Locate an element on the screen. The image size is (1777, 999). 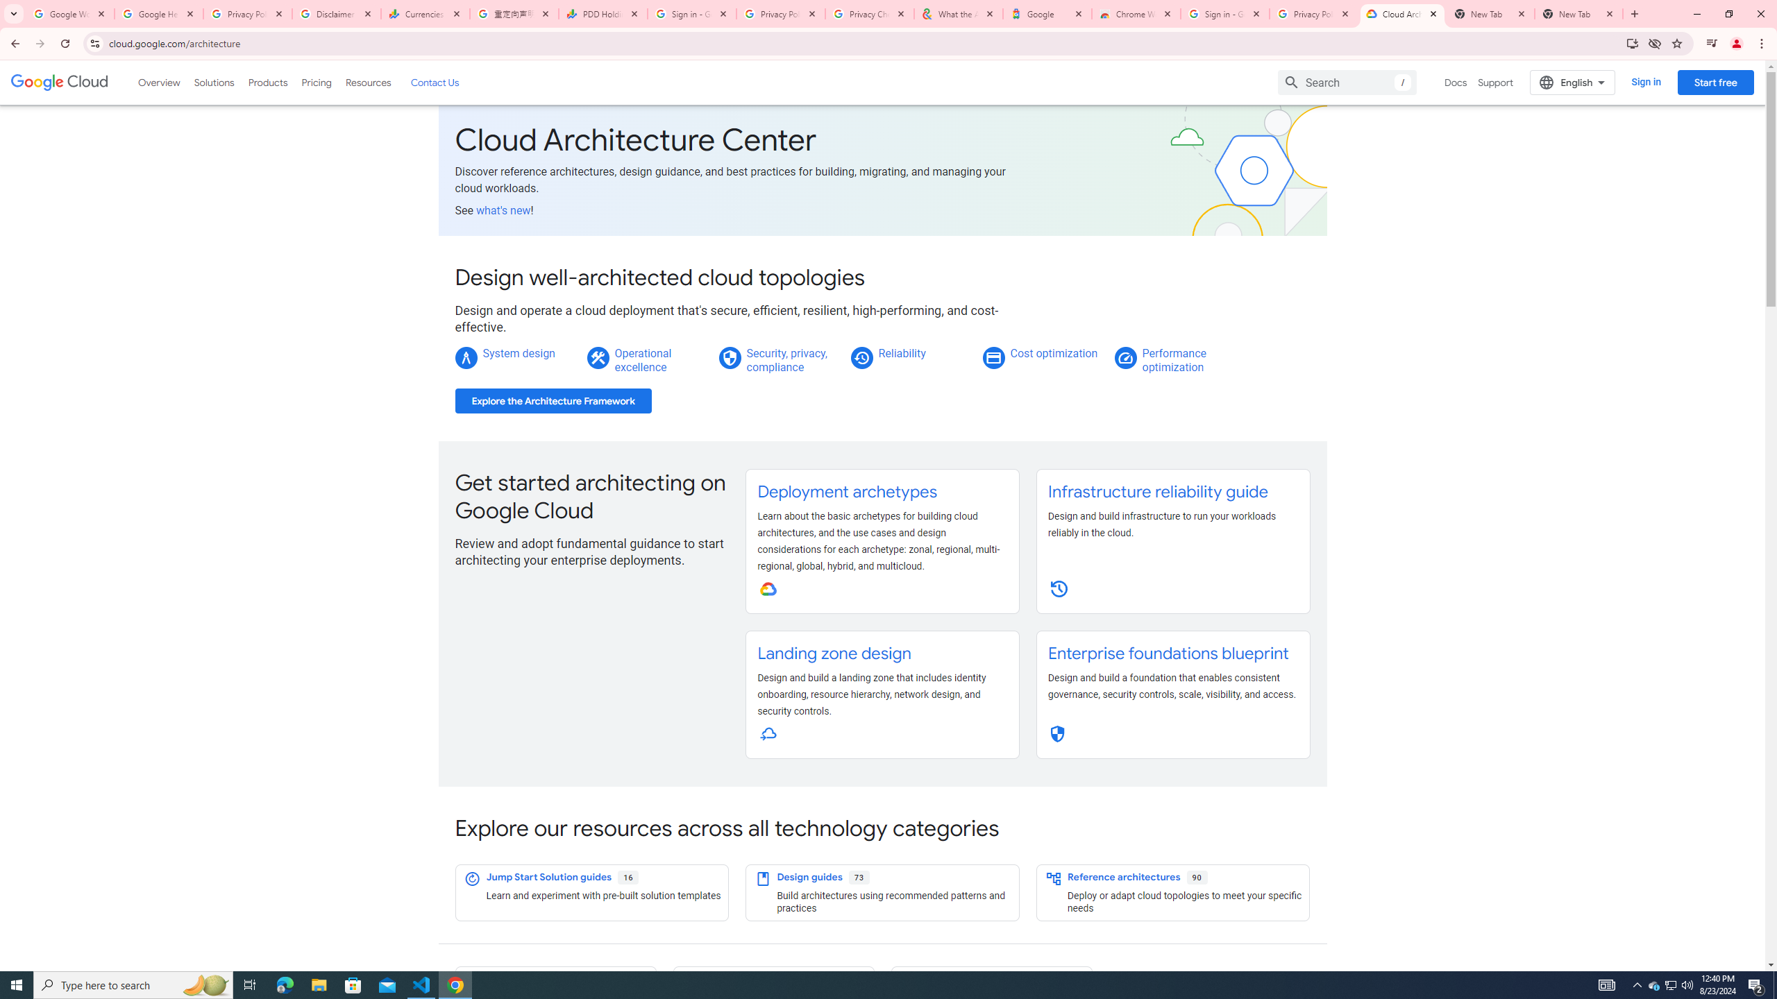
'New Tab' is located at coordinates (1578, 13).